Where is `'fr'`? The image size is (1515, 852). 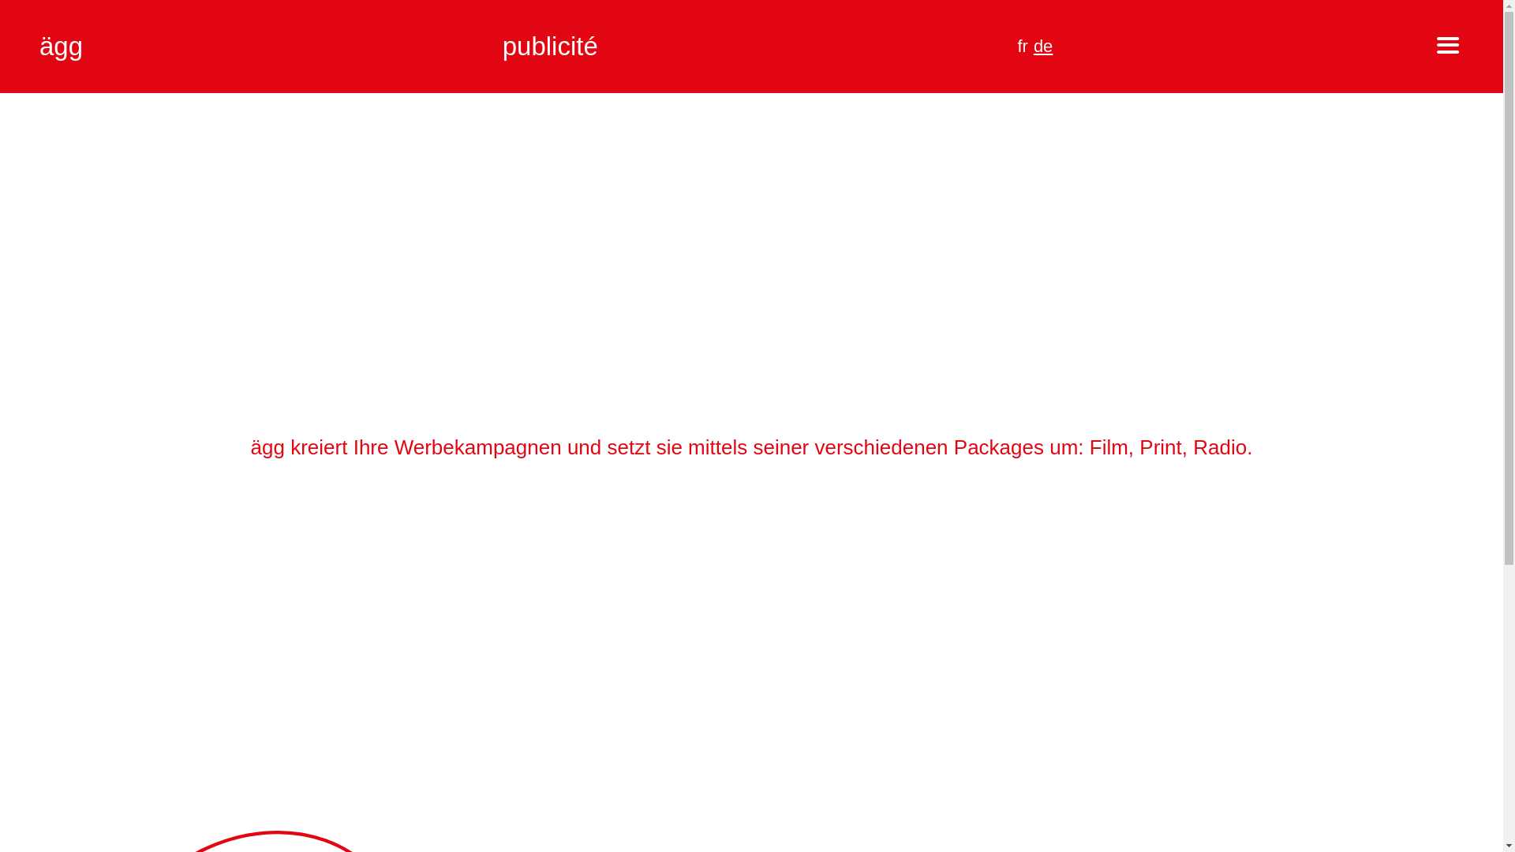
'fr' is located at coordinates (1022, 45).